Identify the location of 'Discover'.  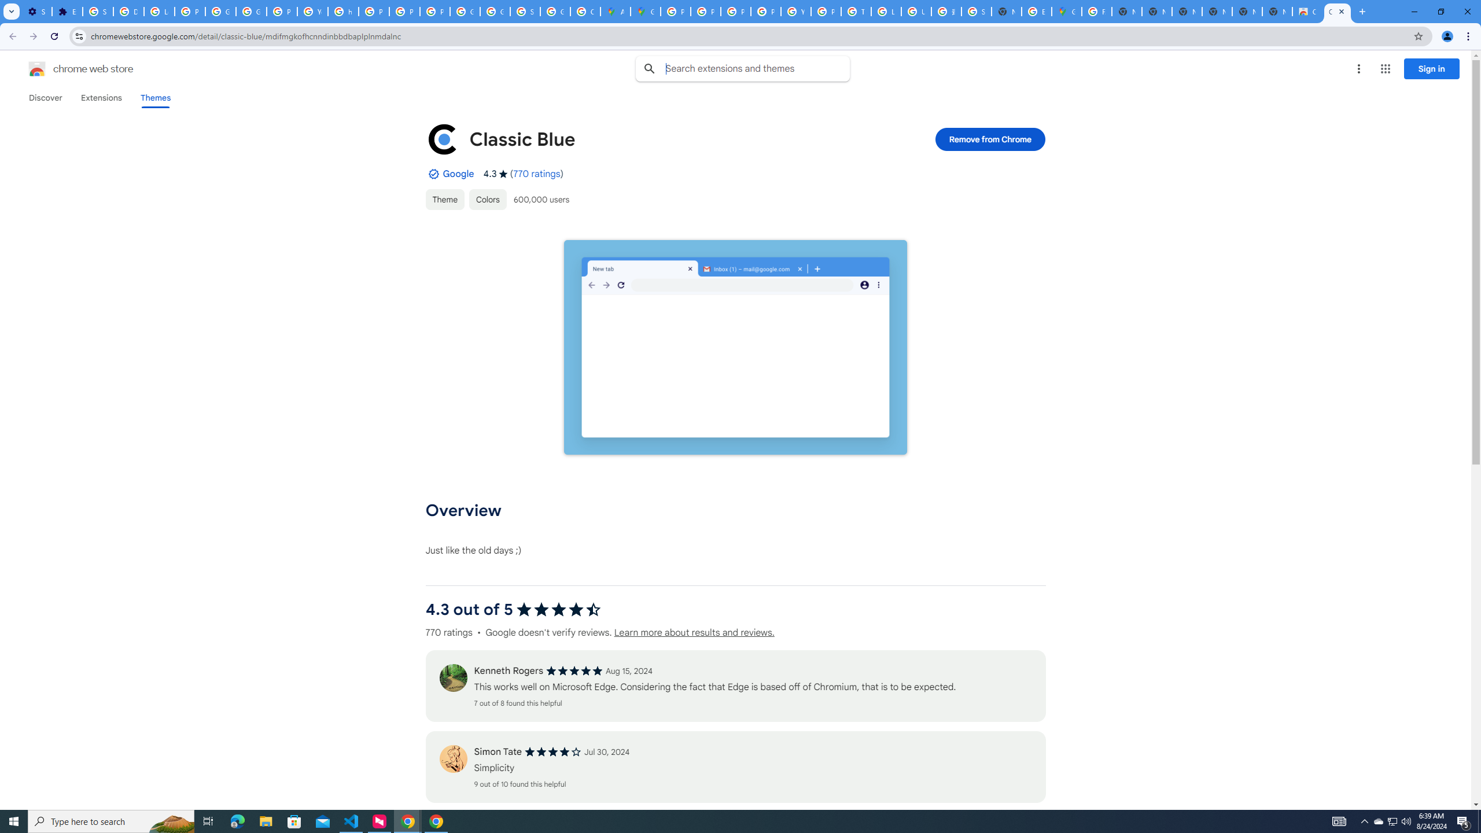
(45, 97).